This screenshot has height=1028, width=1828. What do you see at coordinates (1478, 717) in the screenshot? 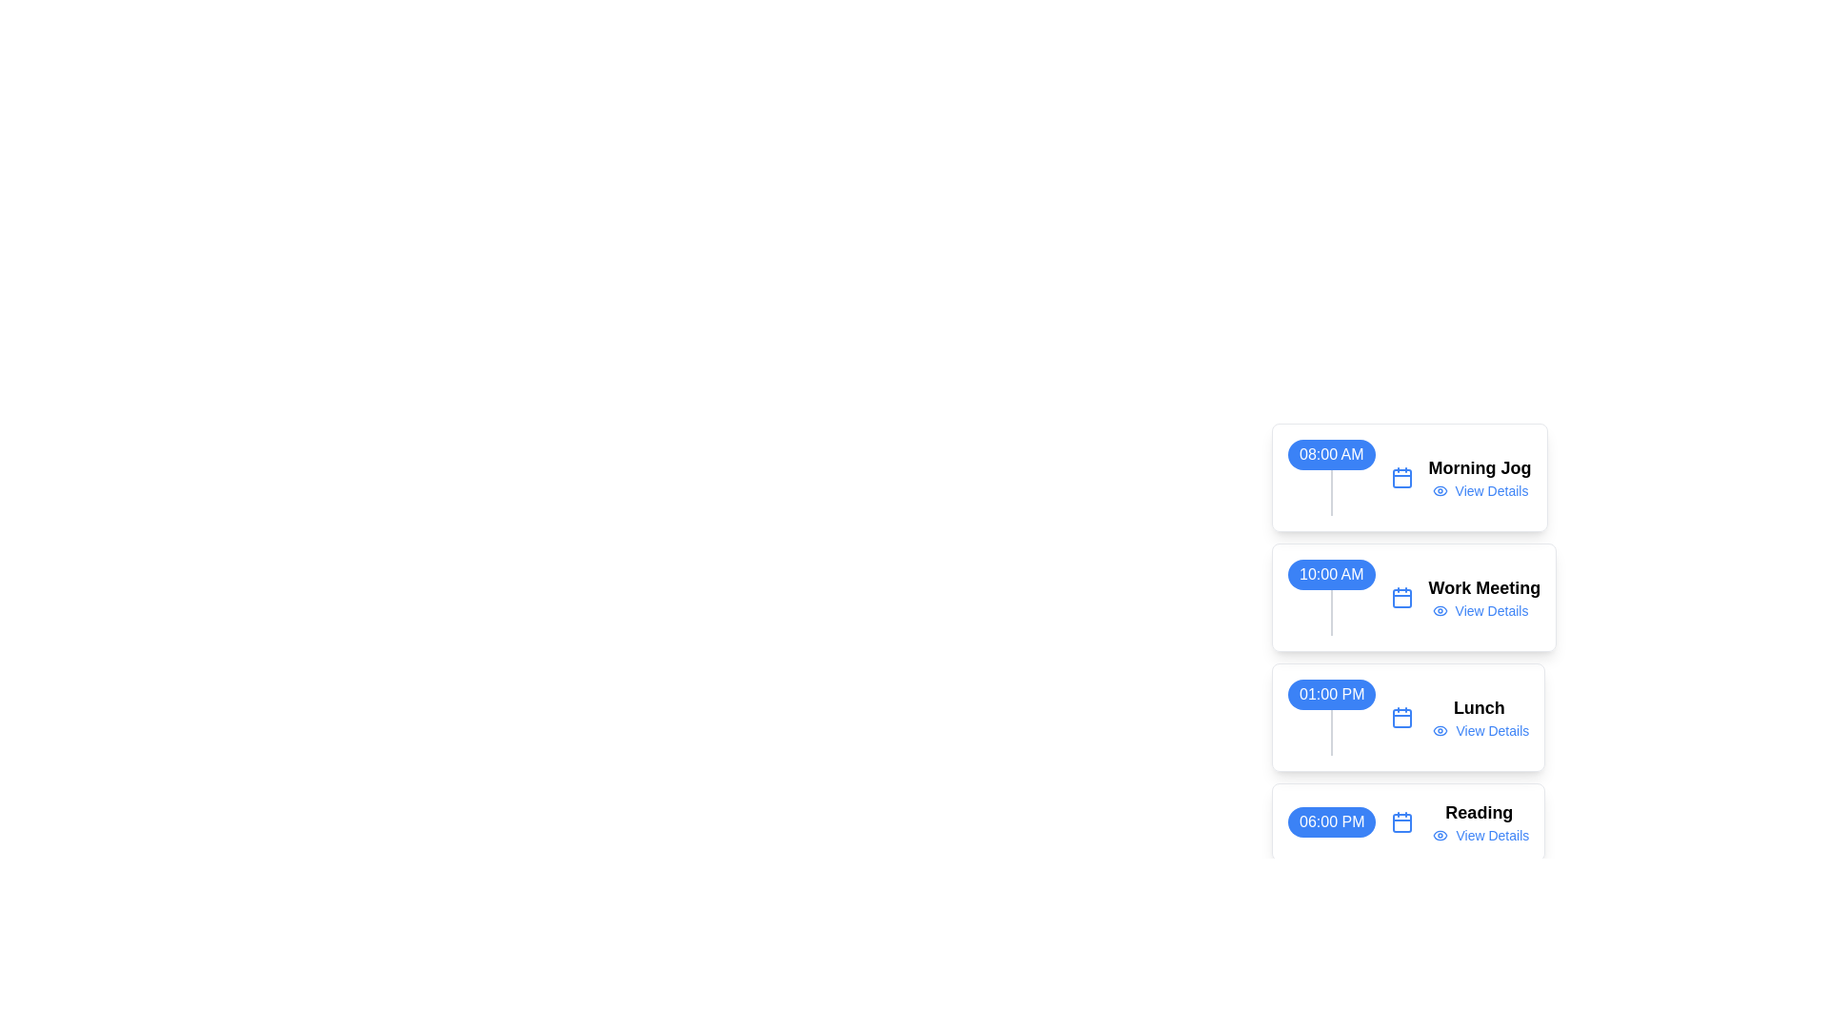
I see `the eye icon next to the 'View Details' link for the 'Lunch' event to potentially display a tooltip` at bounding box center [1478, 717].